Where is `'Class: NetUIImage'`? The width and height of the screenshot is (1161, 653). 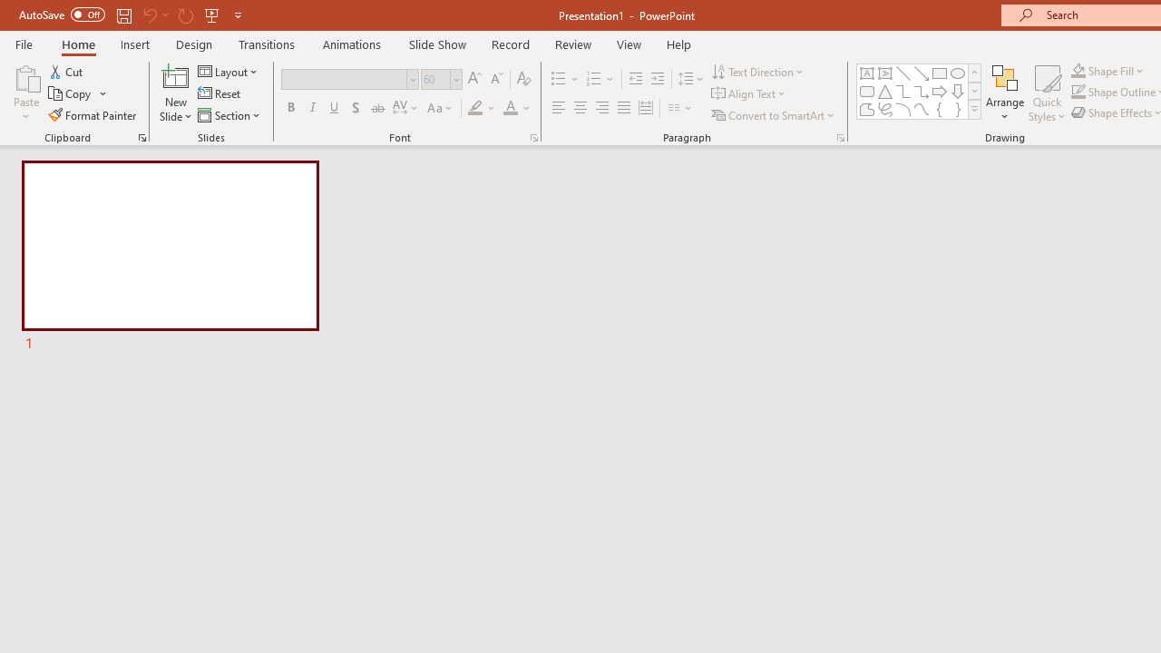 'Class: NetUIImage' is located at coordinates (974, 109).